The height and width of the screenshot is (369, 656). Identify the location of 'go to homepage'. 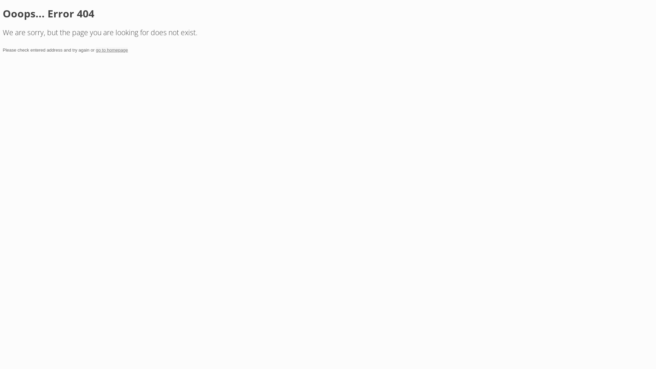
(111, 50).